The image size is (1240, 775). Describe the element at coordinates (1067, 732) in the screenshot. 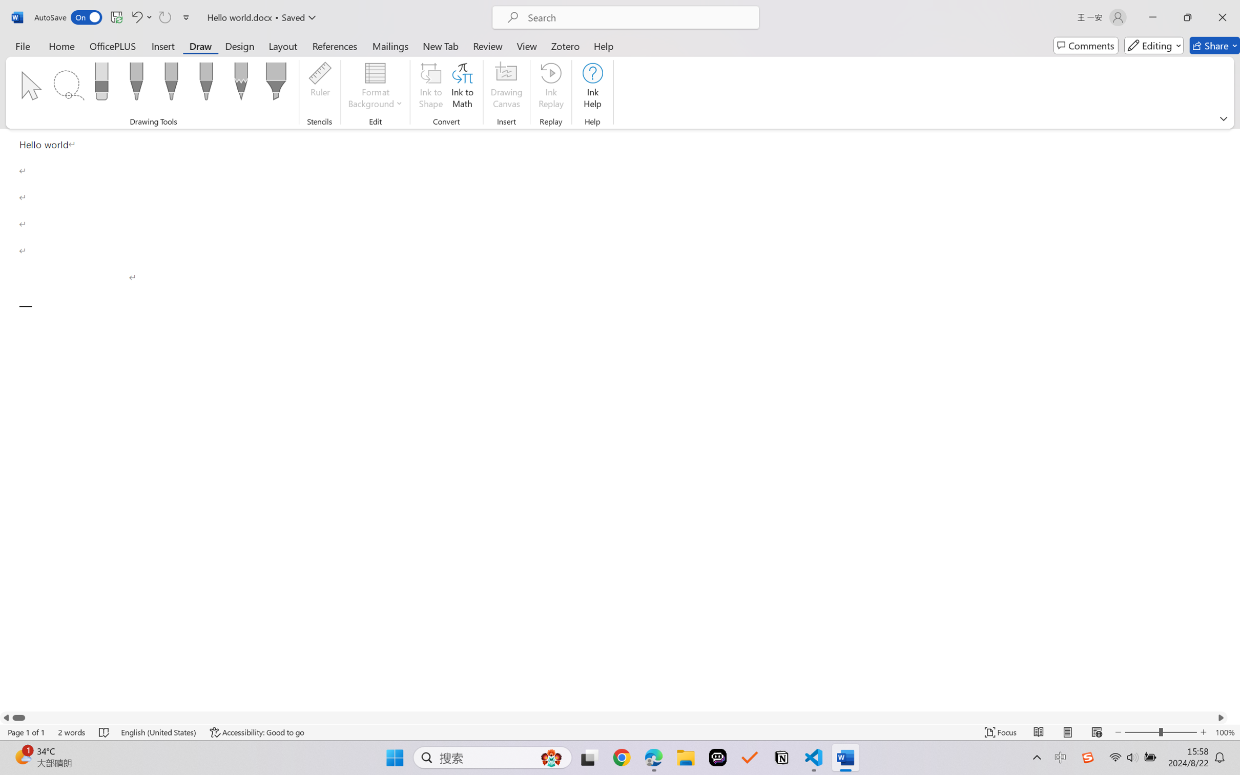

I see `'Print Layout'` at that location.